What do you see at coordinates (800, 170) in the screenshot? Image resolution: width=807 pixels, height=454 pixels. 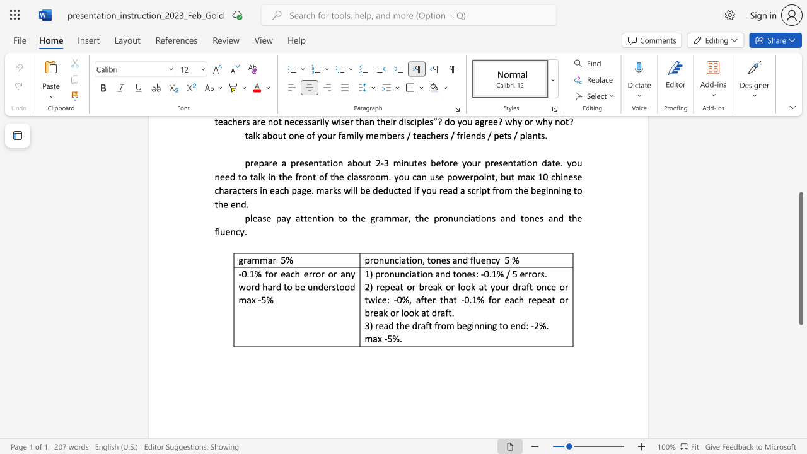 I see `the scrollbar to move the page upward` at bounding box center [800, 170].